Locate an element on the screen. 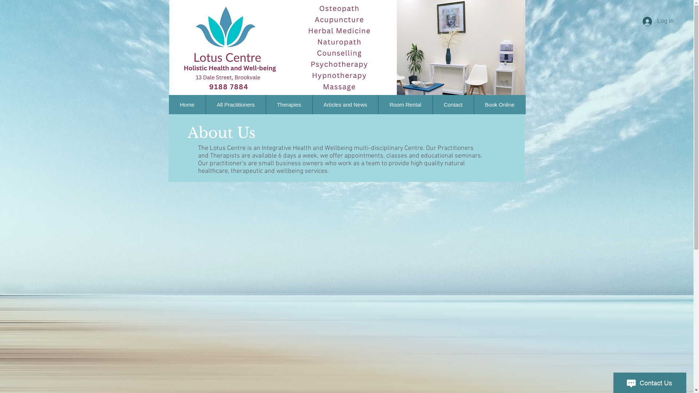  'All Practitioners' is located at coordinates (235, 104).